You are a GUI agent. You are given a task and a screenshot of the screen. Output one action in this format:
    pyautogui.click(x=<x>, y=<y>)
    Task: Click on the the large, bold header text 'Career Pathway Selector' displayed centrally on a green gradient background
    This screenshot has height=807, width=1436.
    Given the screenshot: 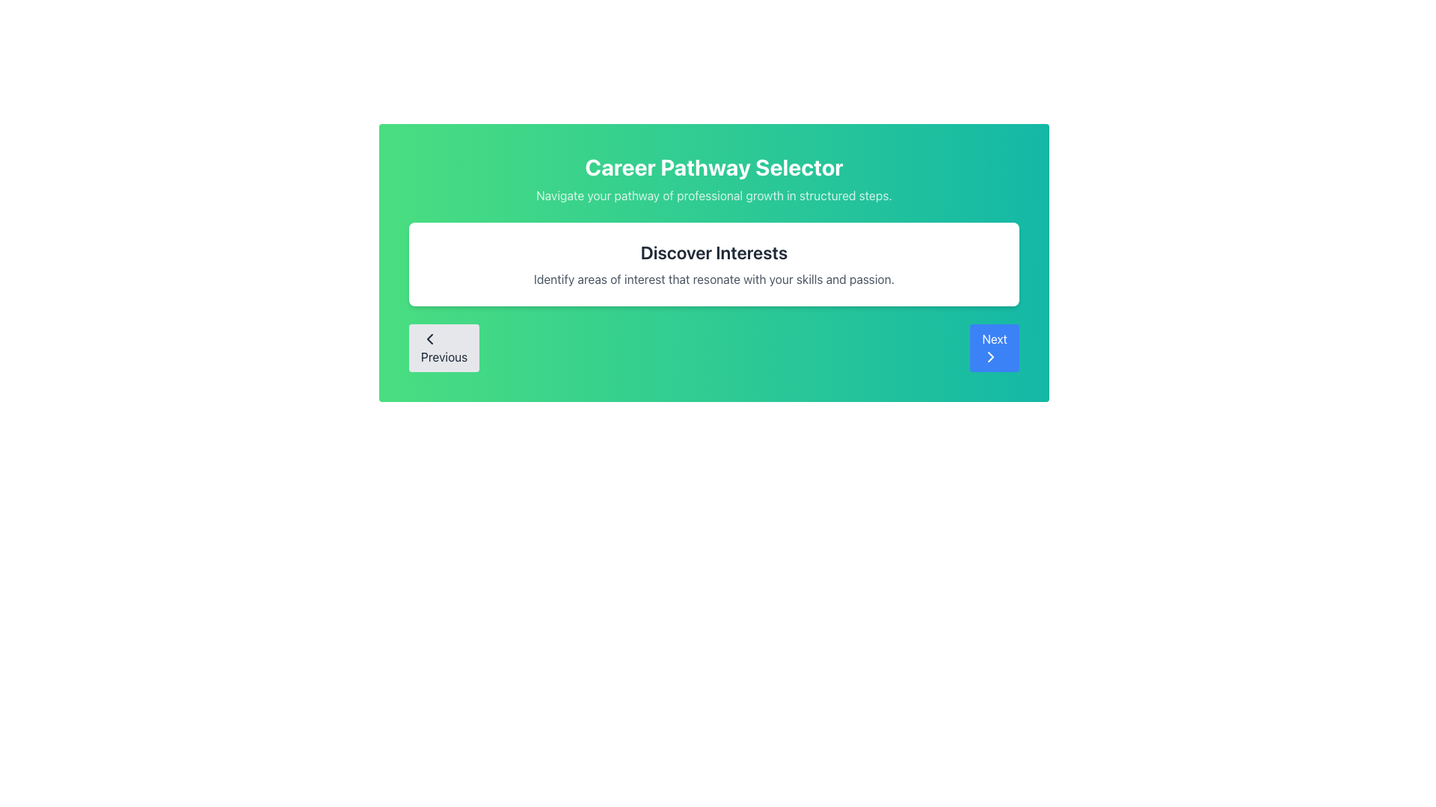 What is the action you would take?
    pyautogui.click(x=714, y=167)
    